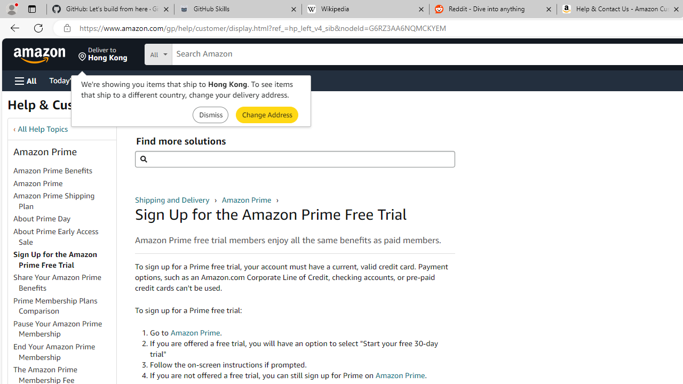 This screenshot has width=683, height=384. What do you see at coordinates (173, 199) in the screenshot?
I see `'Shipping and Delivery '` at bounding box center [173, 199].